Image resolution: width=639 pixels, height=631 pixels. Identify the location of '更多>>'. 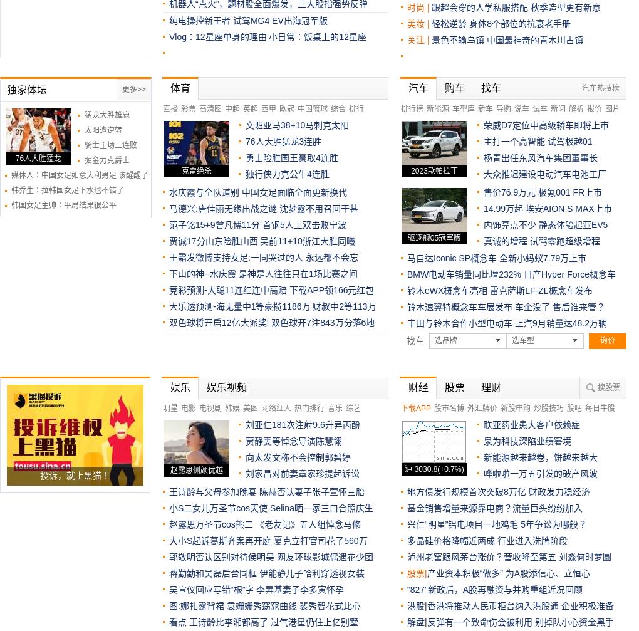
(133, 89).